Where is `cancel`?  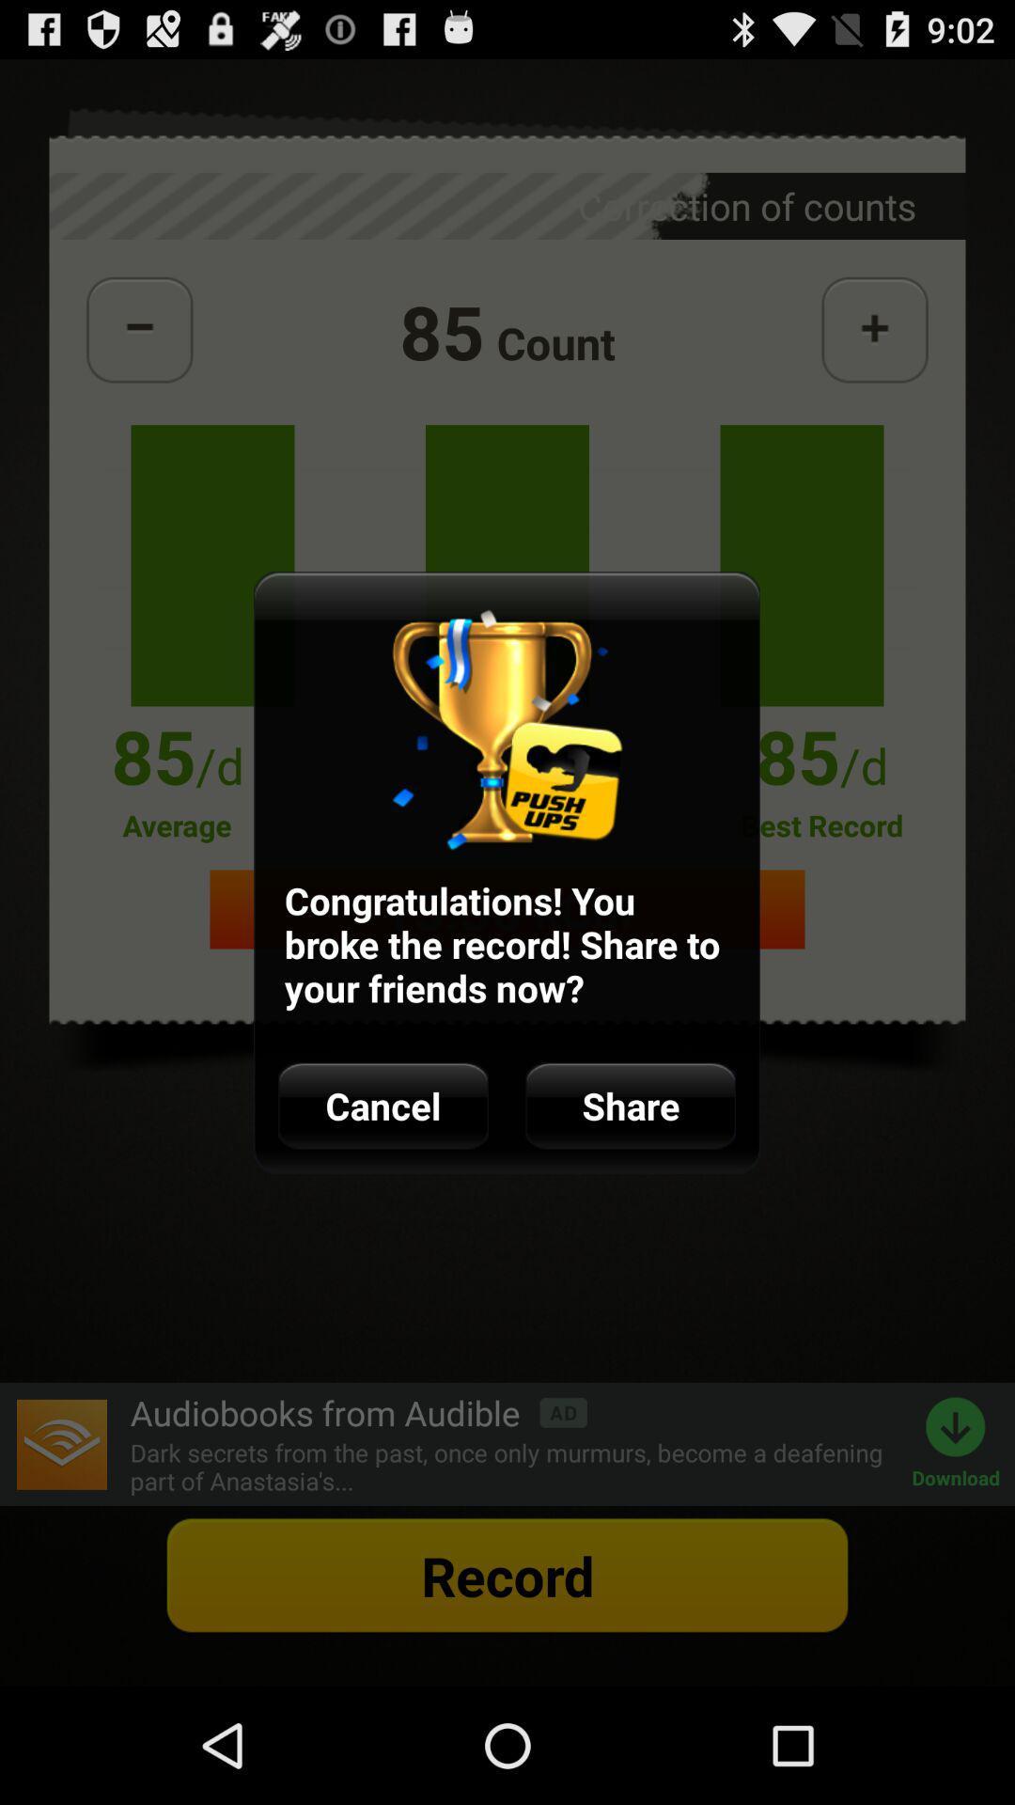
cancel is located at coordinates (383, 1106).